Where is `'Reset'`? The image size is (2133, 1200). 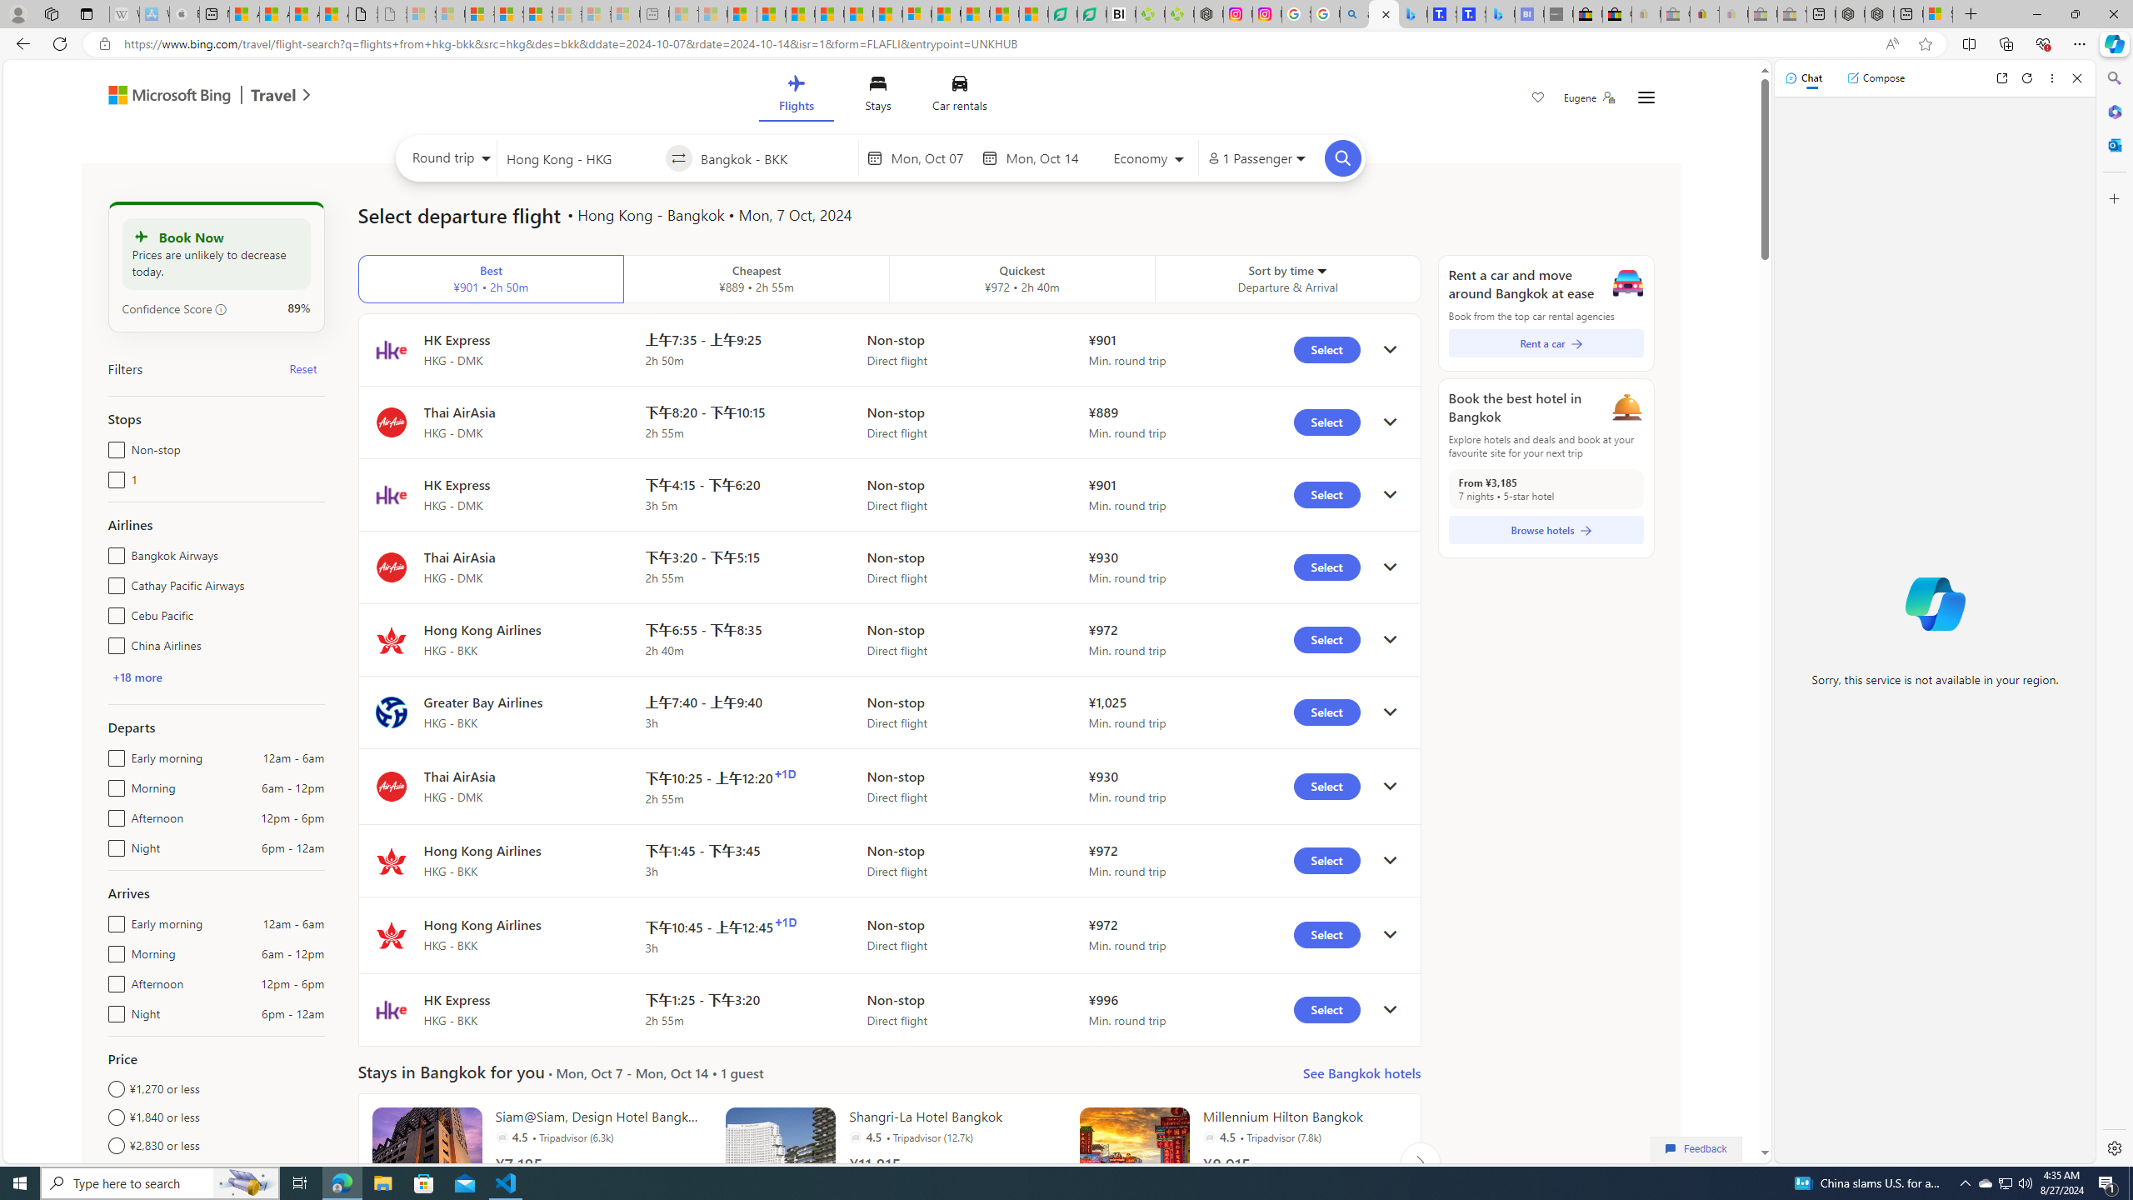 'Reset' is located at coordinates (302, 367).